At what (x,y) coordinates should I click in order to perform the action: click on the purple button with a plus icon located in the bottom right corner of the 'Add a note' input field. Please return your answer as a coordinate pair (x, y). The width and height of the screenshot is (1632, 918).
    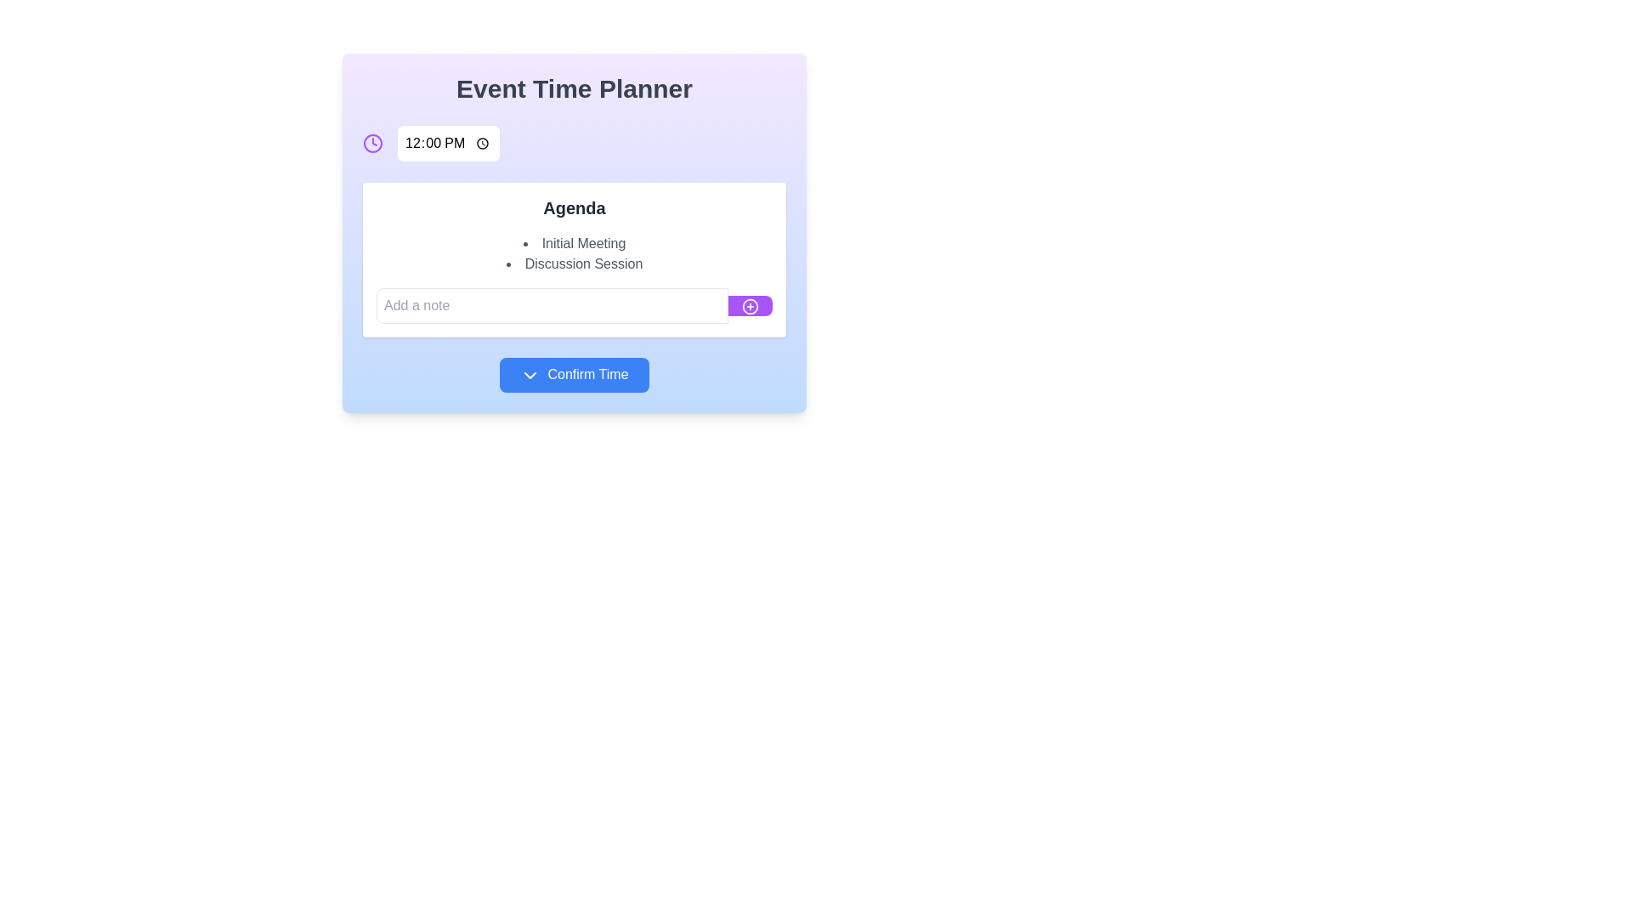
    Looking at the image, I should click on (750, 304).